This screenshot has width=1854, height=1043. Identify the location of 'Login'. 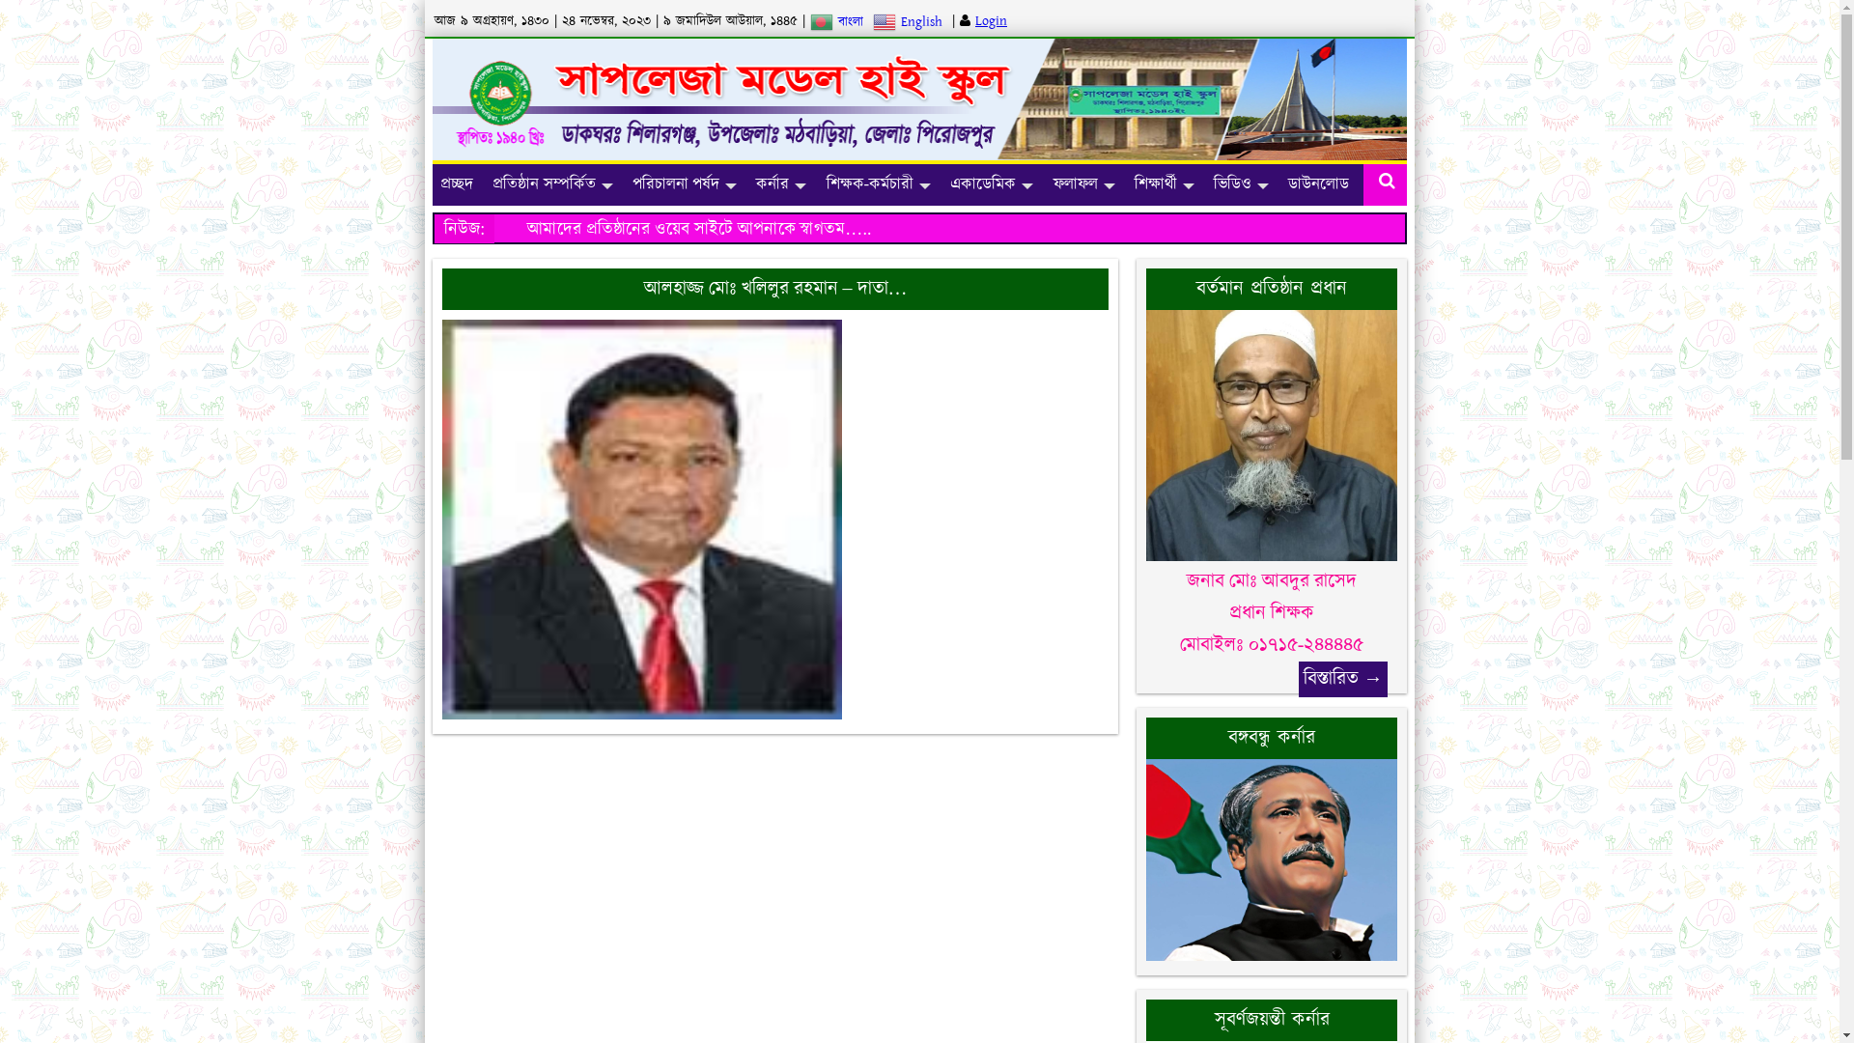
(974, 21).